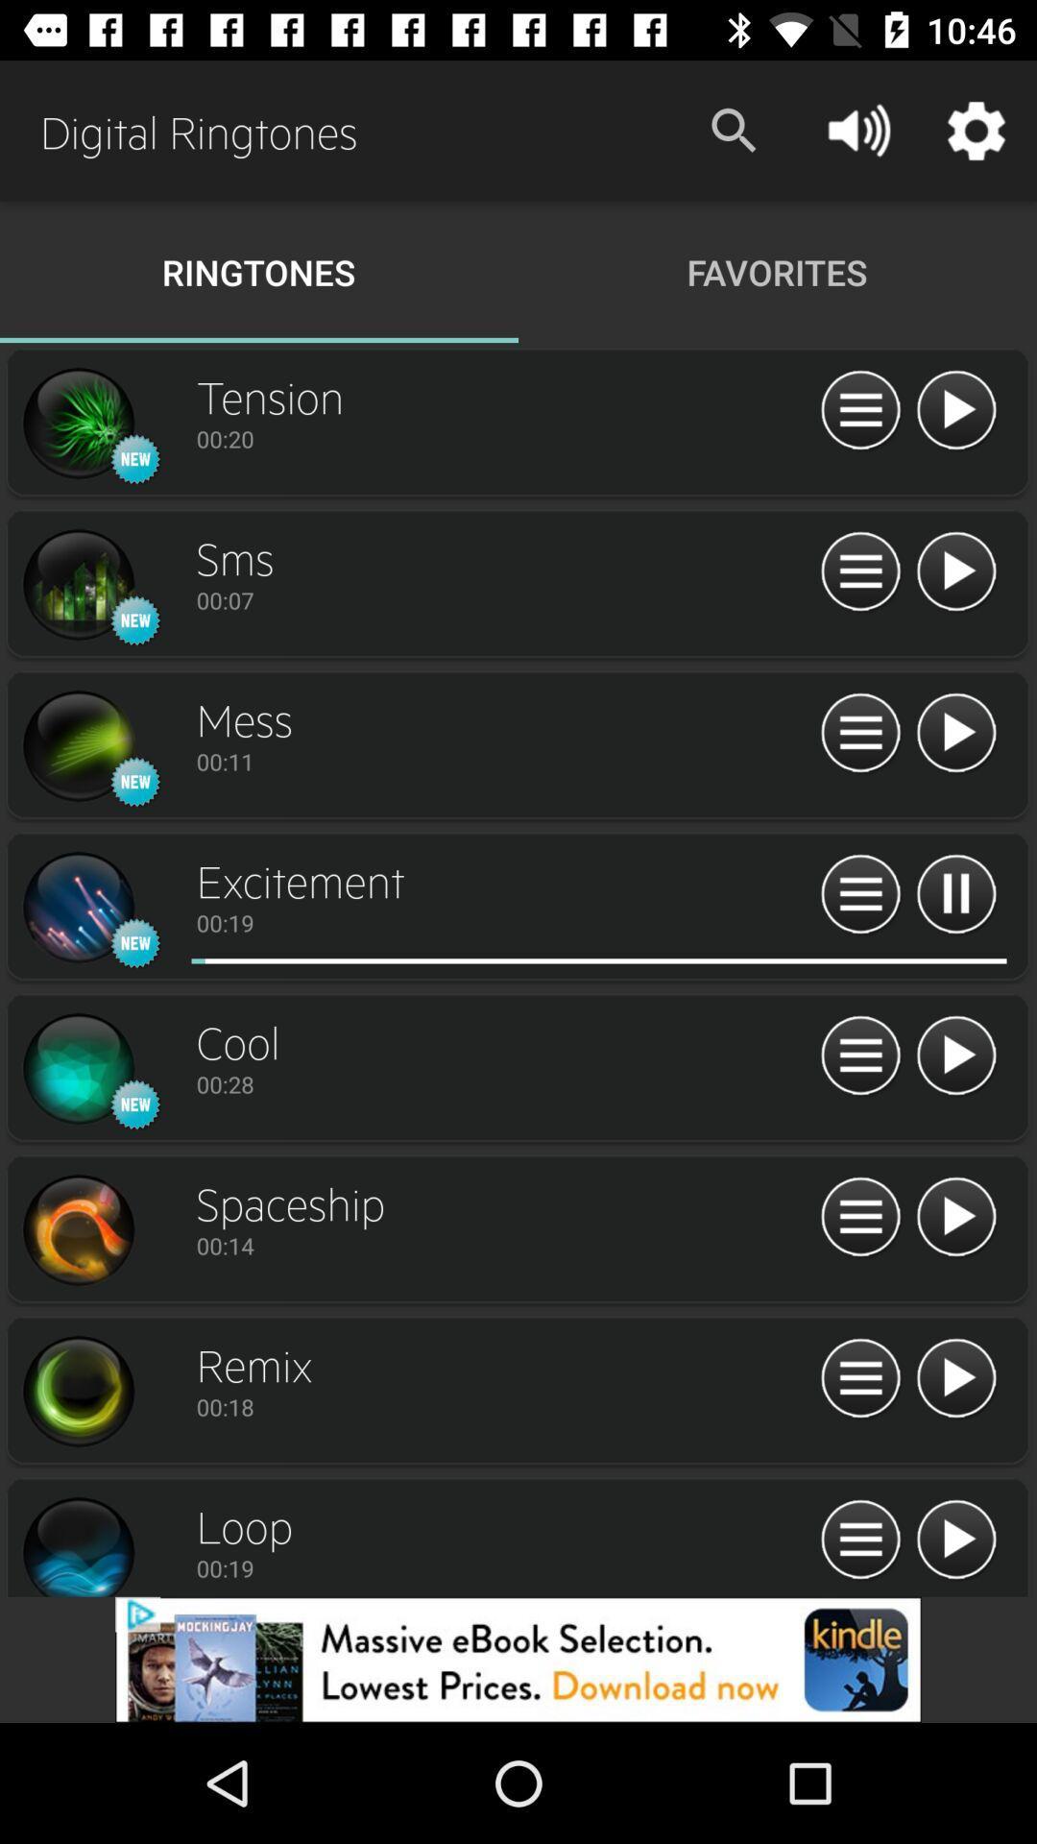  What do you see at coordinates (859, 410) in the screenshot?
I see `see more` at bounding box center [859, 410].